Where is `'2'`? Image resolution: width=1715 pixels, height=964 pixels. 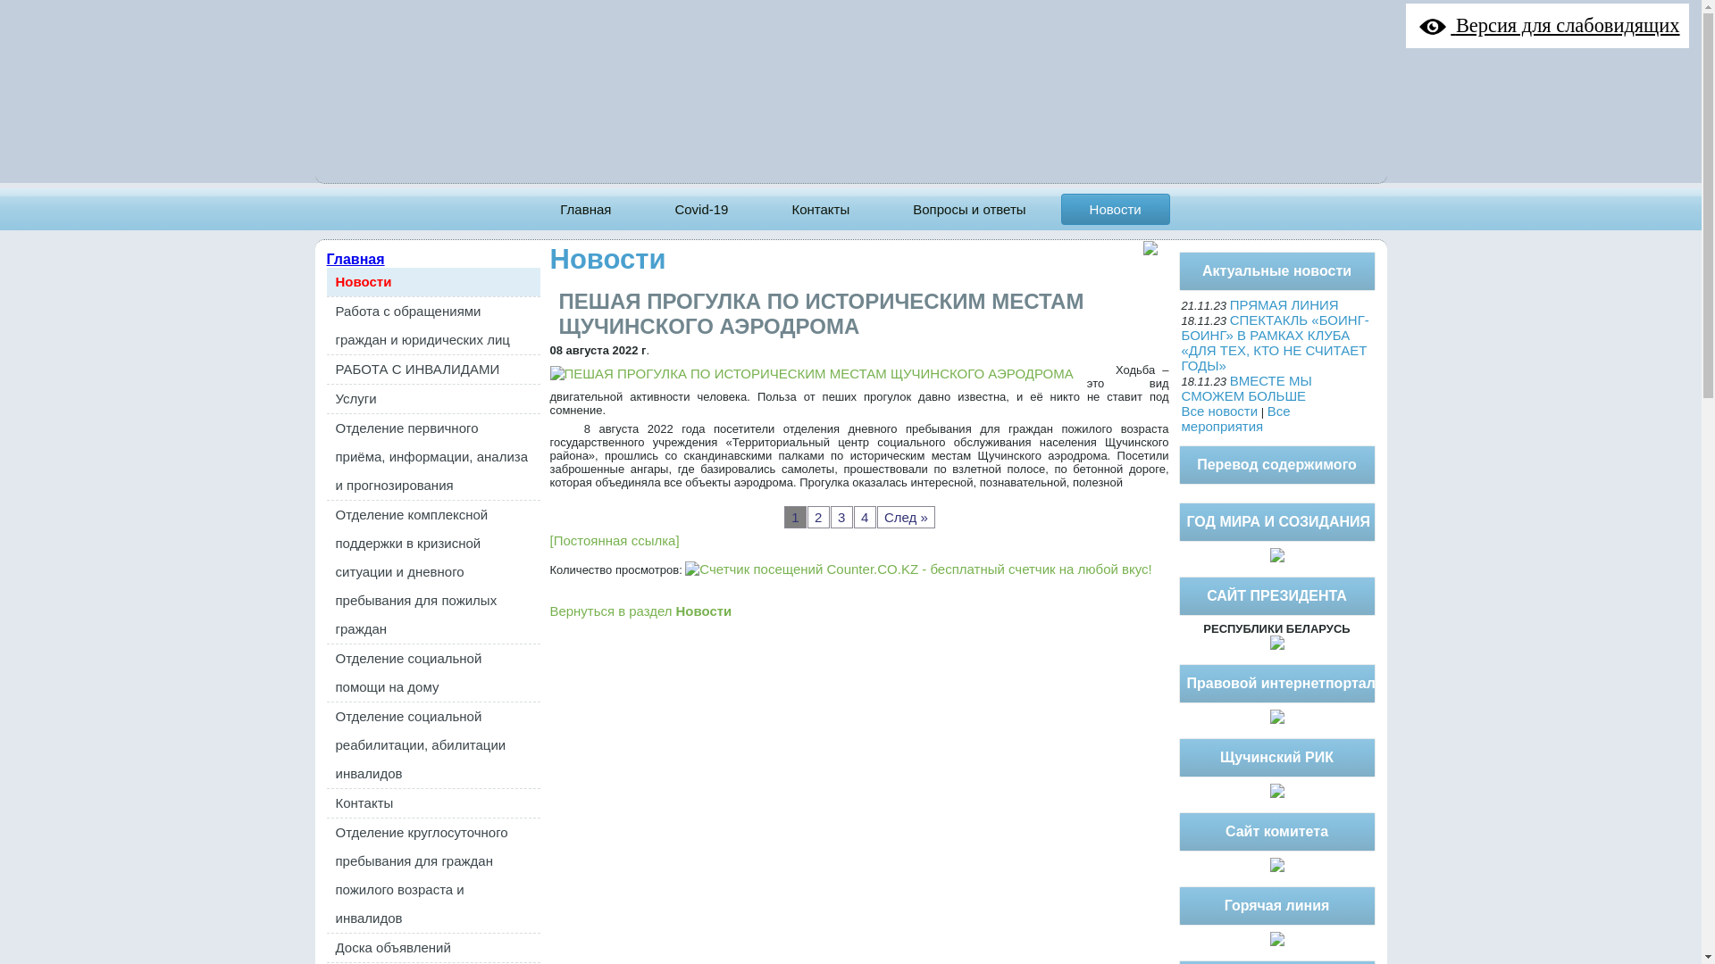 '2' is located at coordinates (806, 517).